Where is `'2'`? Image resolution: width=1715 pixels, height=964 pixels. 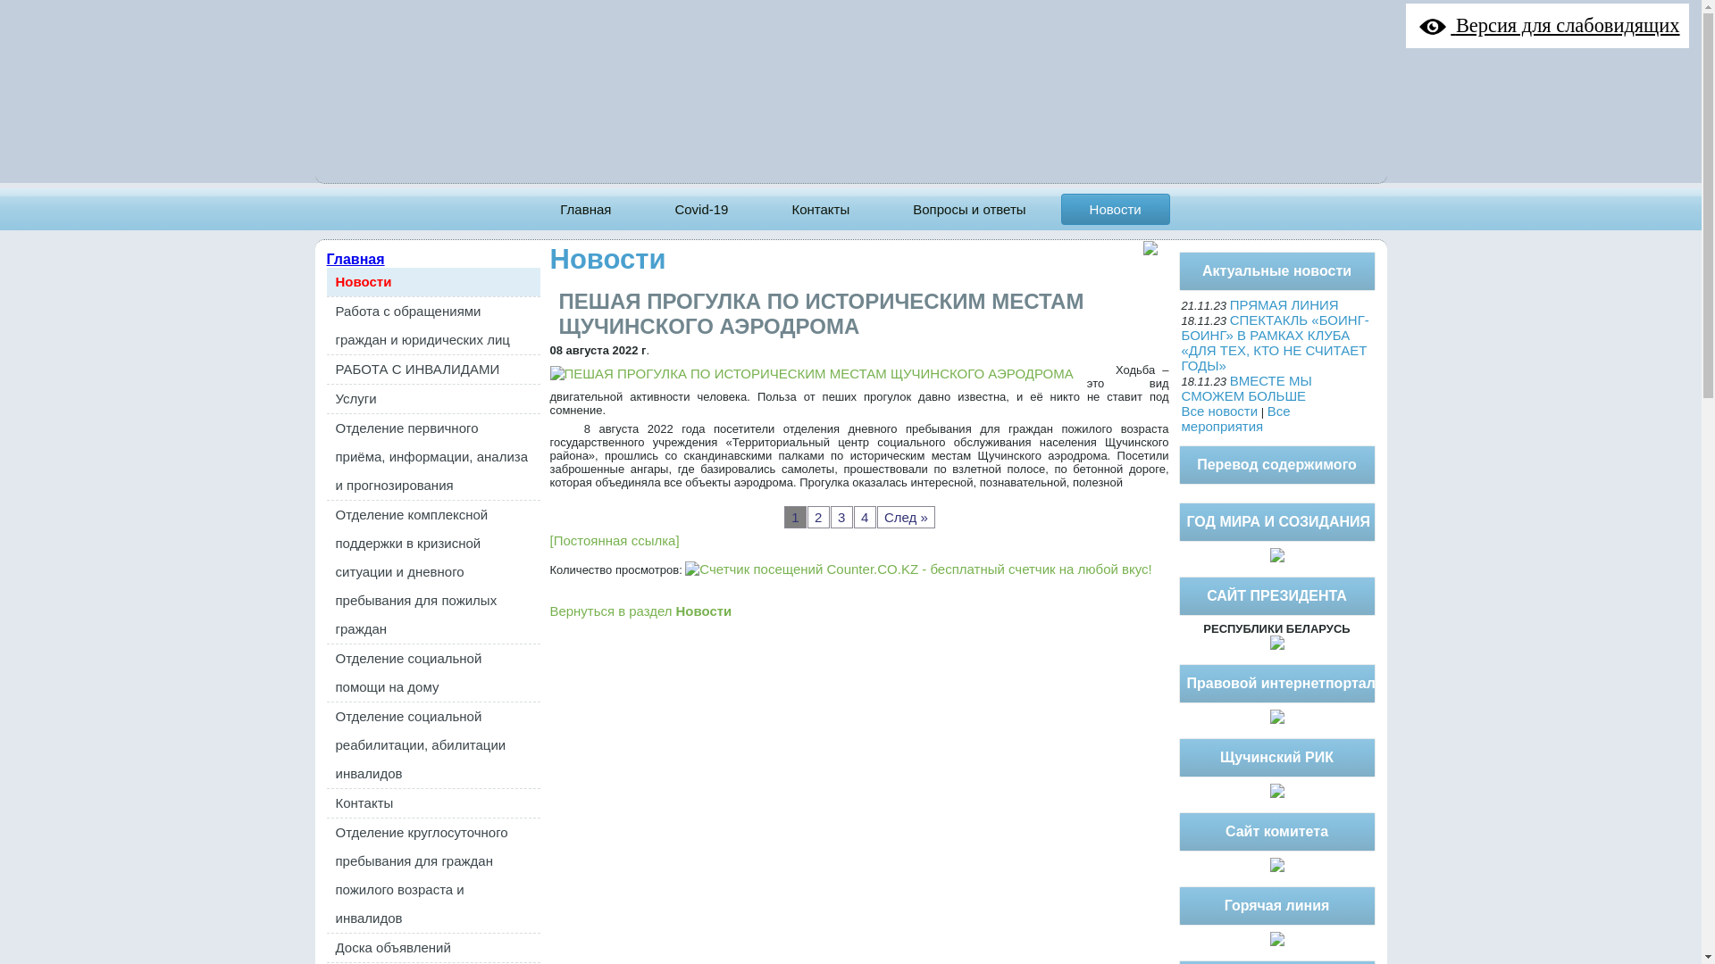 '2' is located at coordinates (806, 517).